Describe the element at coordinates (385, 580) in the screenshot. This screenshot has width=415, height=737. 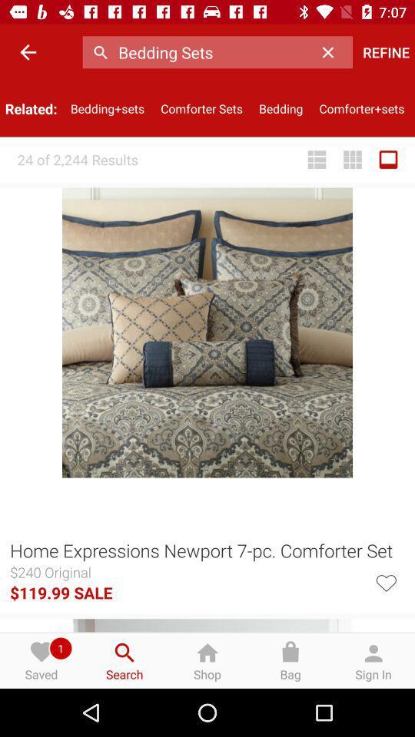
I see `the item to the right of the $119.99 sale icon` at that location.